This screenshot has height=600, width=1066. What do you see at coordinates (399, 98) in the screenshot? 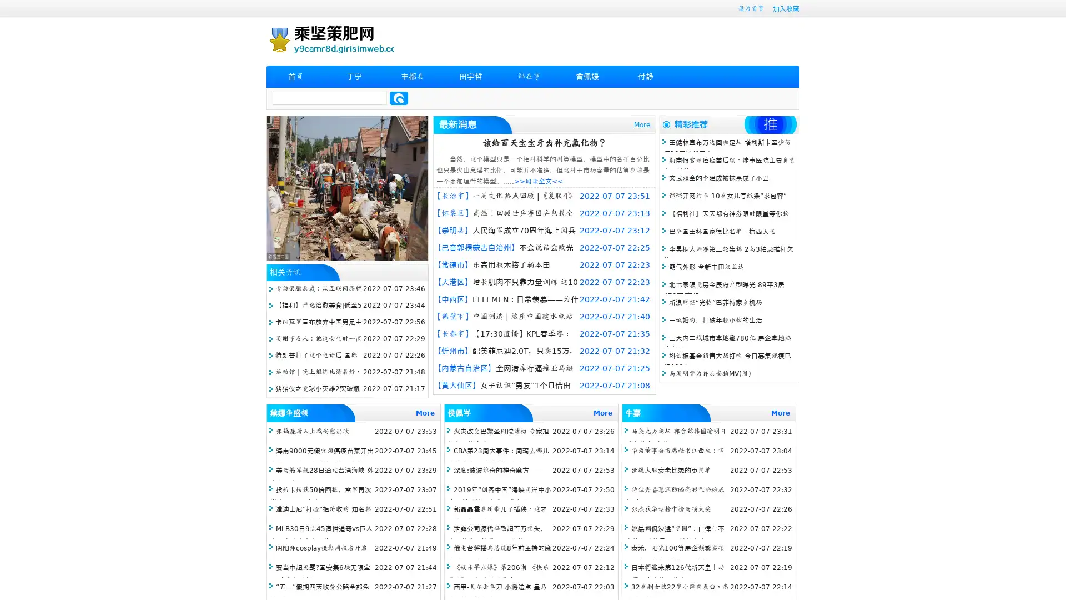
I see `Search` at bounding box center [399, 98].